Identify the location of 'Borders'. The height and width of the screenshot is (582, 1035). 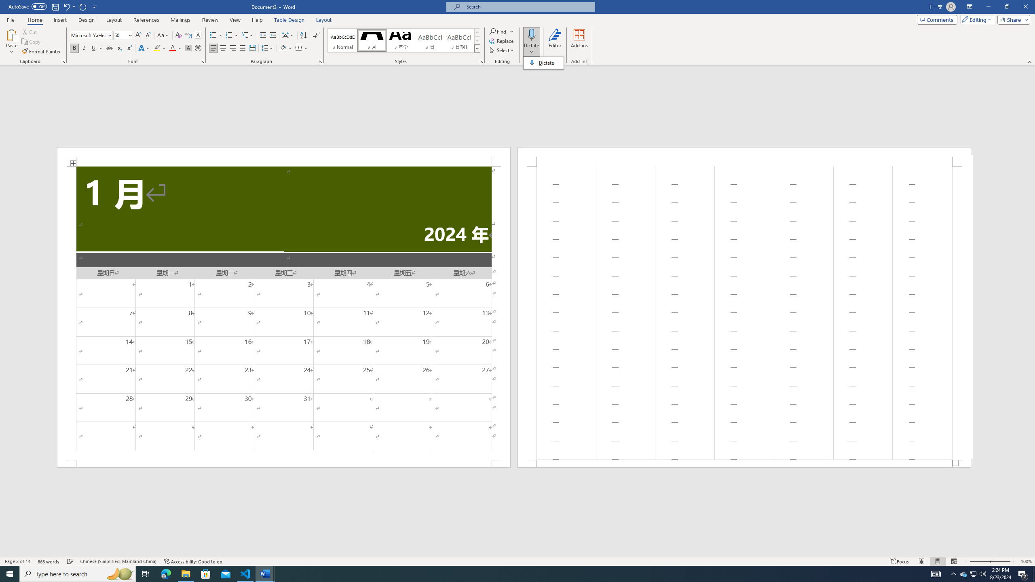
(301, 48).